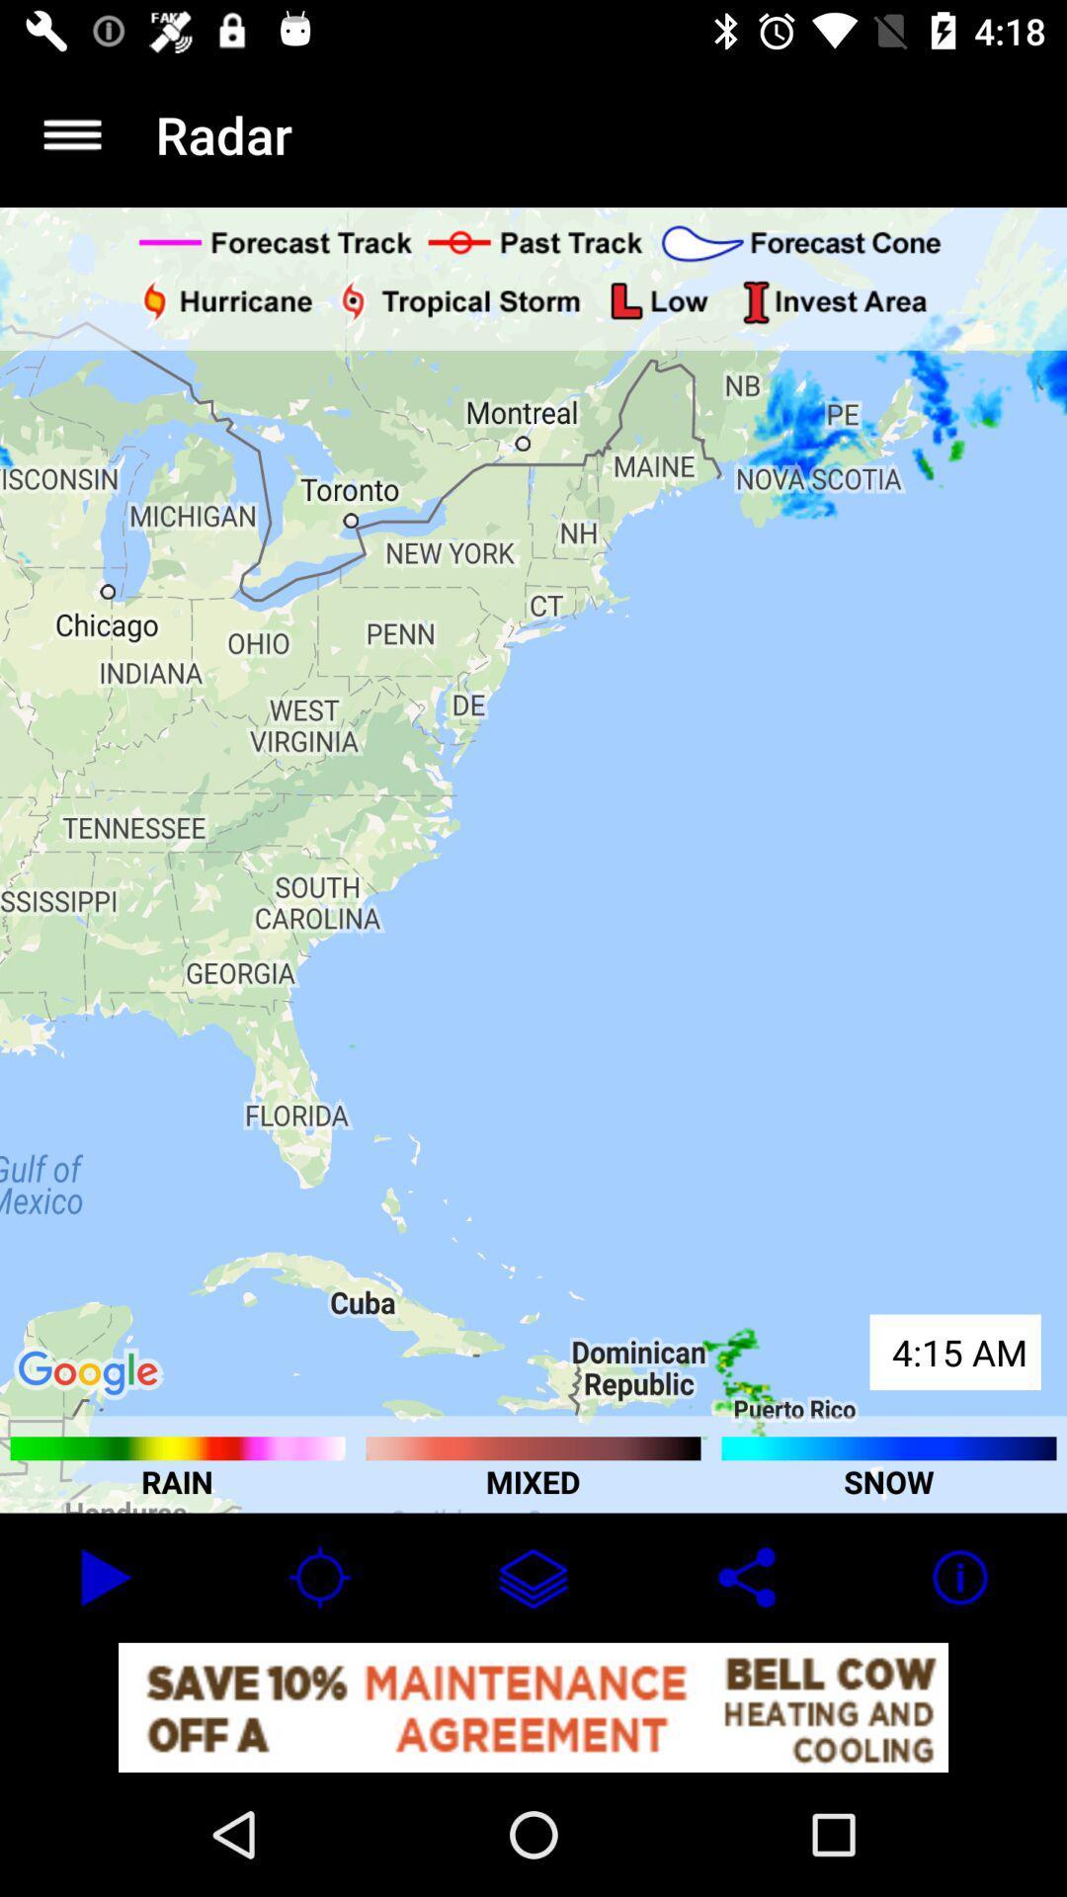 This screenshot has height=1897, width=1067. Describe the element at coordinates (71, 133) in the screenshot. I see `the item next to radar app` at that location.